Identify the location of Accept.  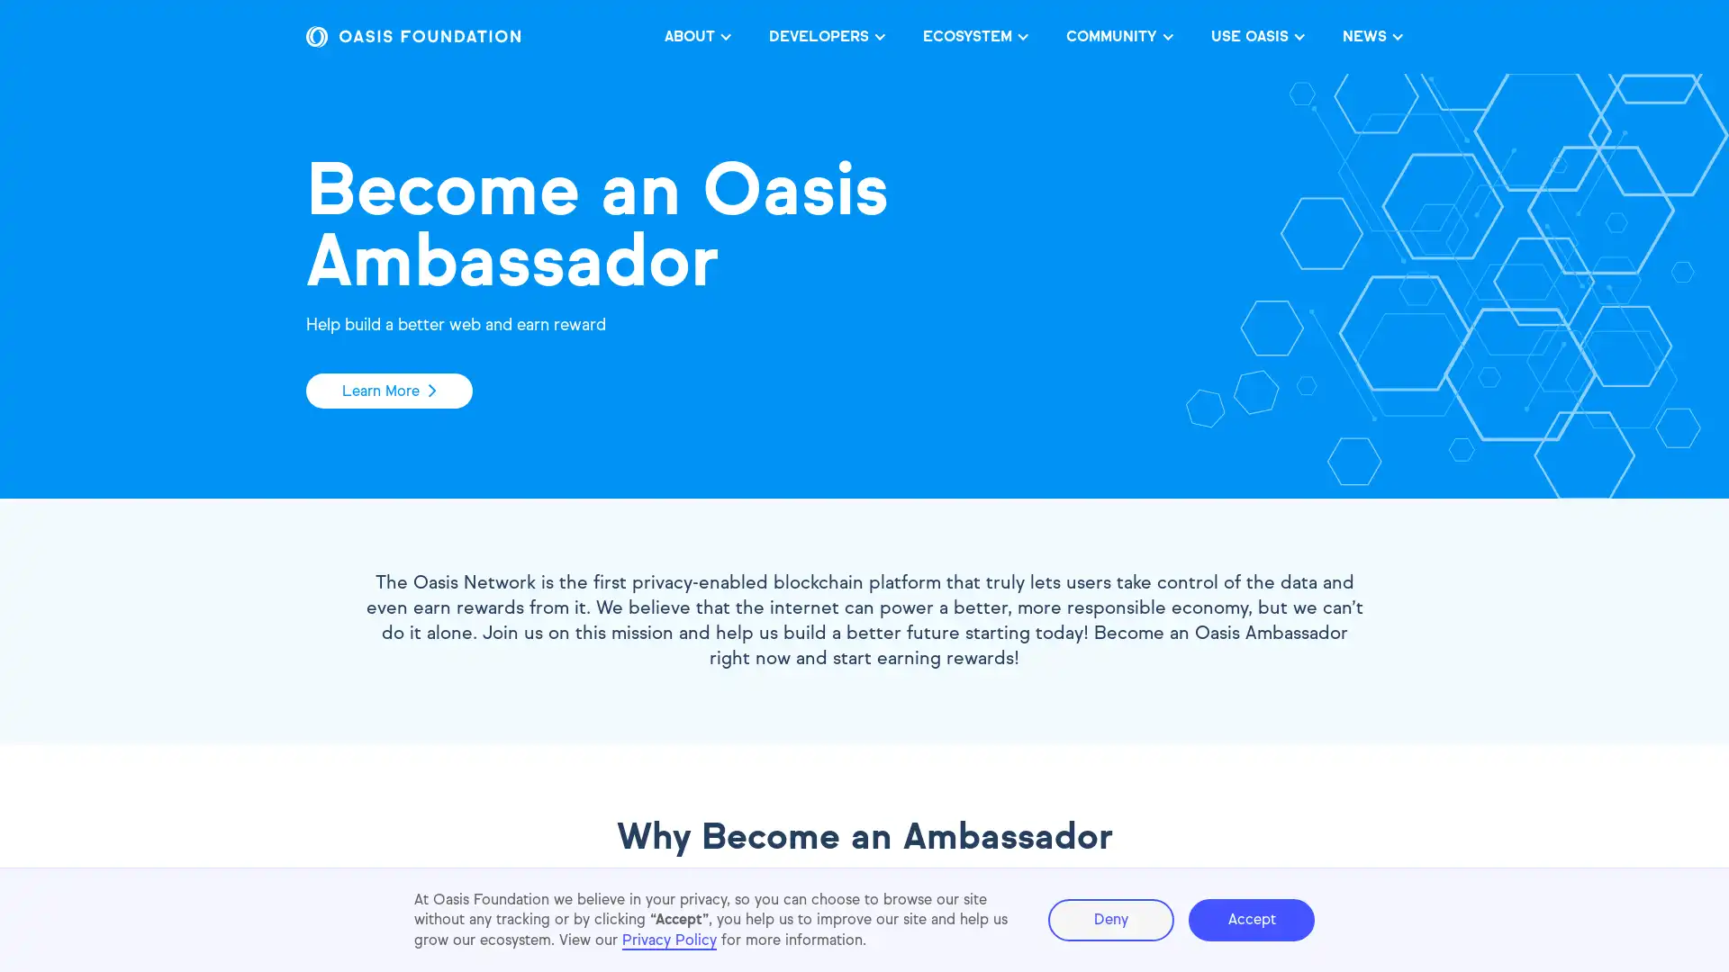
(1251, 920).